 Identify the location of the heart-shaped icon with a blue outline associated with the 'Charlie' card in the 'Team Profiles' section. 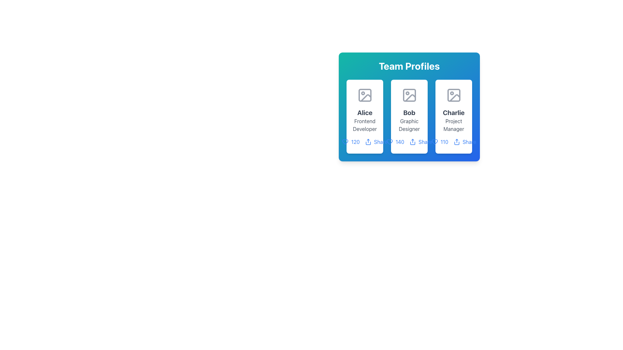
(434, 142).